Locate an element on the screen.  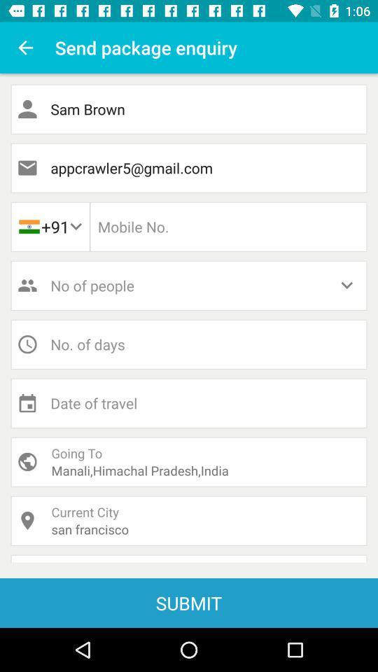
icon to the left of the send package enquiry is located at coordinates (25, 48).